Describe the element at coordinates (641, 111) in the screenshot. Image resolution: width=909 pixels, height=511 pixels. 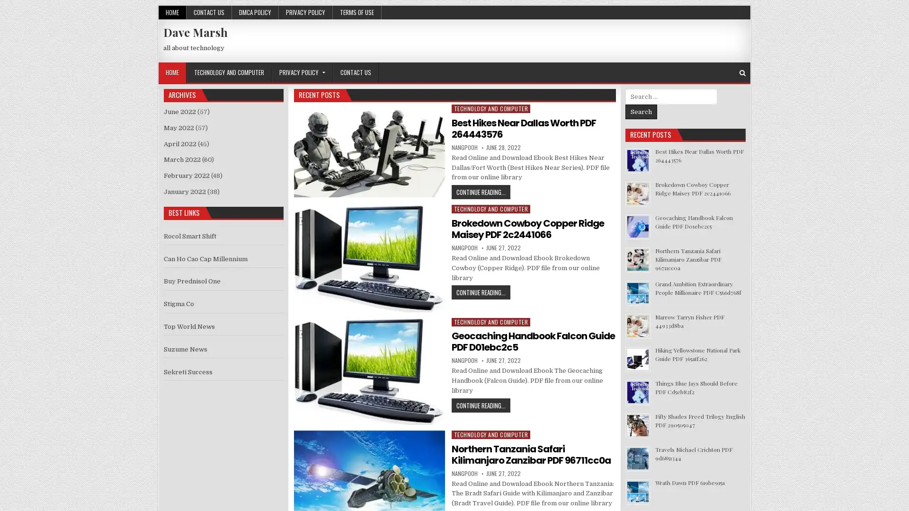
I see `Search` at that location.